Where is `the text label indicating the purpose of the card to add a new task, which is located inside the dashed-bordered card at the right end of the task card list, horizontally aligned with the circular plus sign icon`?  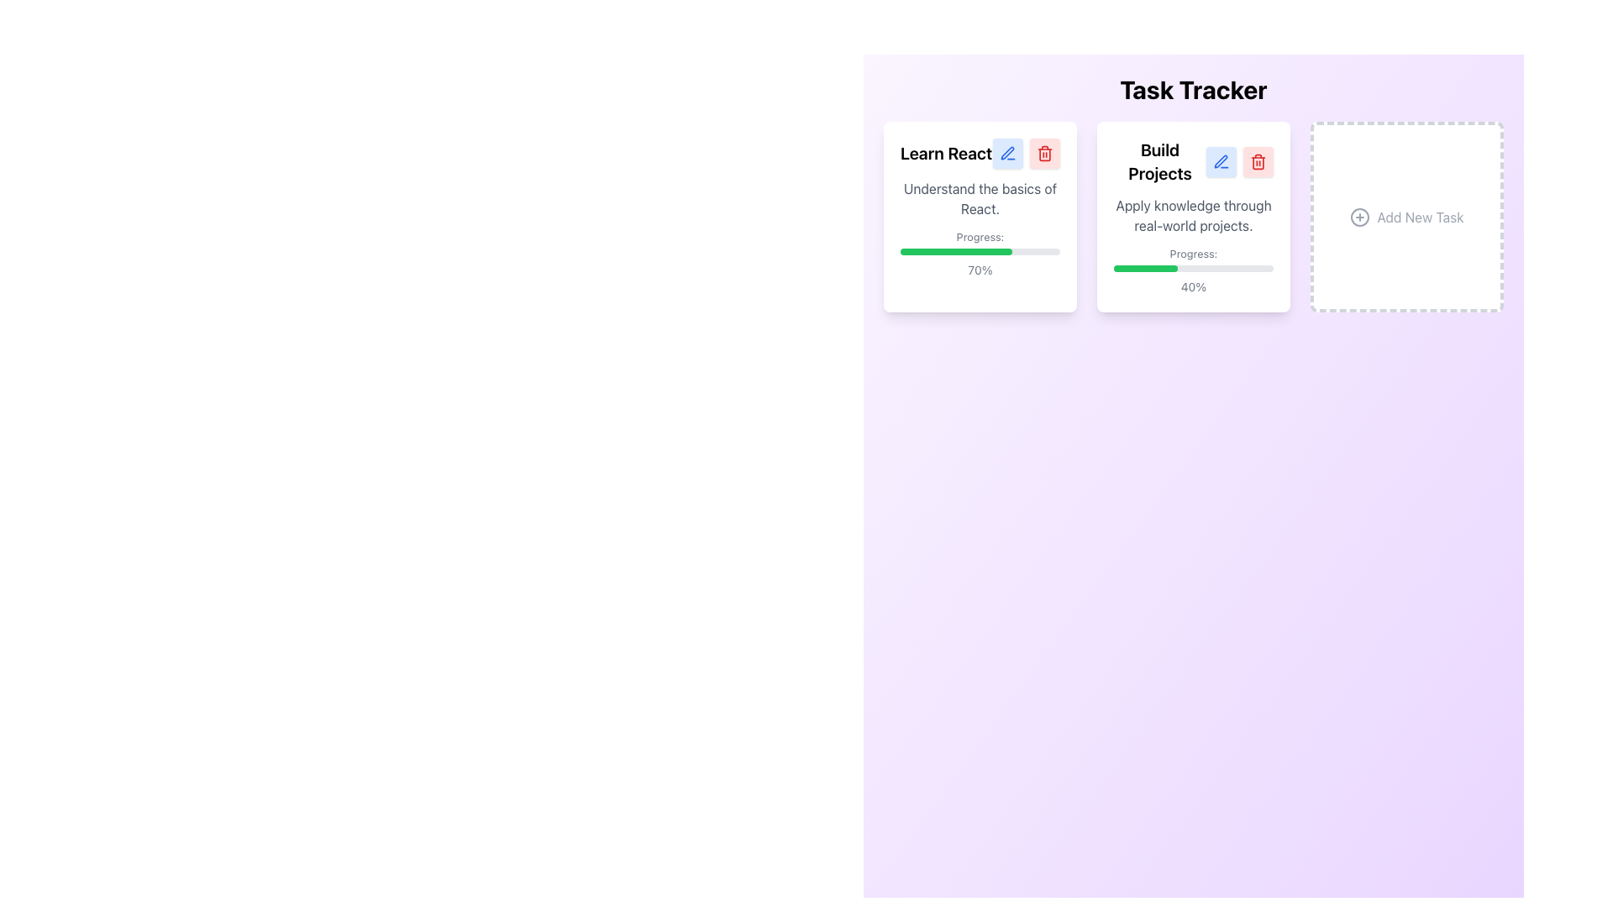 the text label indicating the purpose of the card to add a new task, which is located inside the dashed-bordered card at the right end of the task card list, horizontally aligned with the circular plus sign icon is located at coordinates (1419, 216).